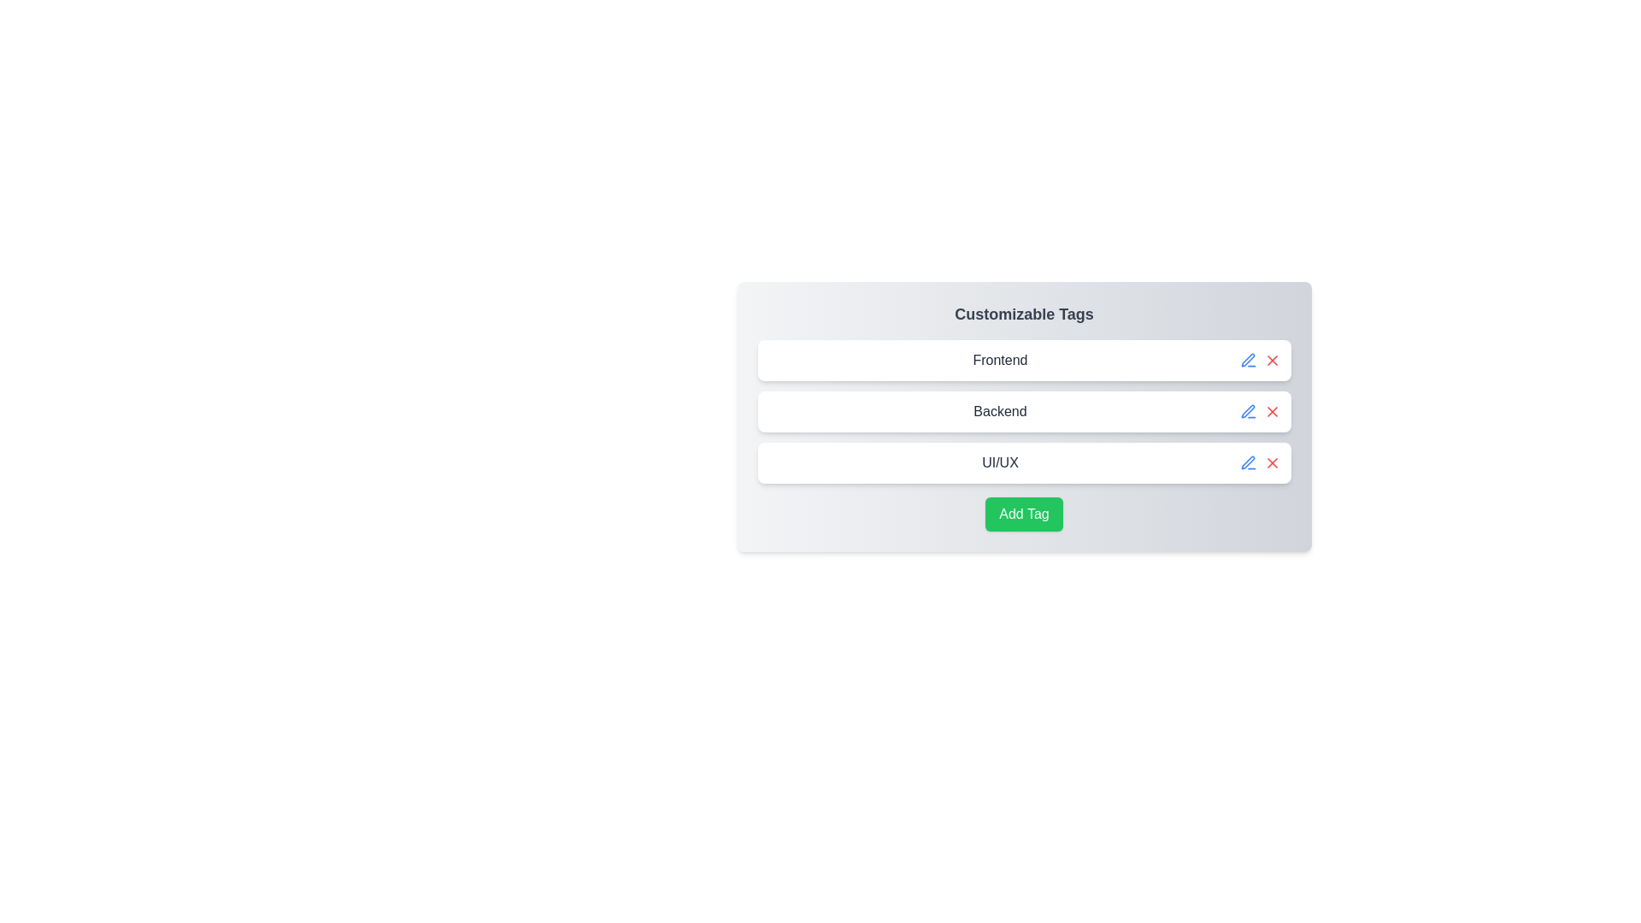 The width and height of the screenshot is (1641, 923). I want to click on edit button for the tag labeled Backend, so click(1248, 412).